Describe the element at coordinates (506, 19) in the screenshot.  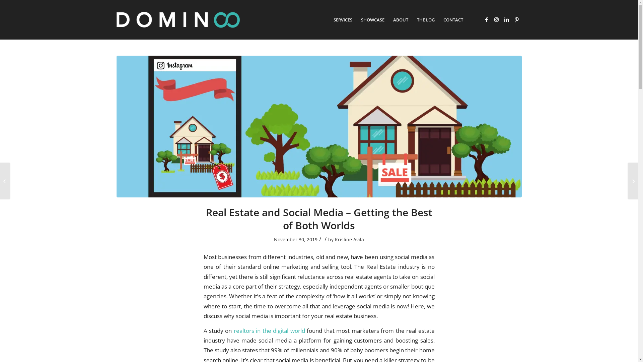
I see `'LinkedIn'` at that location.